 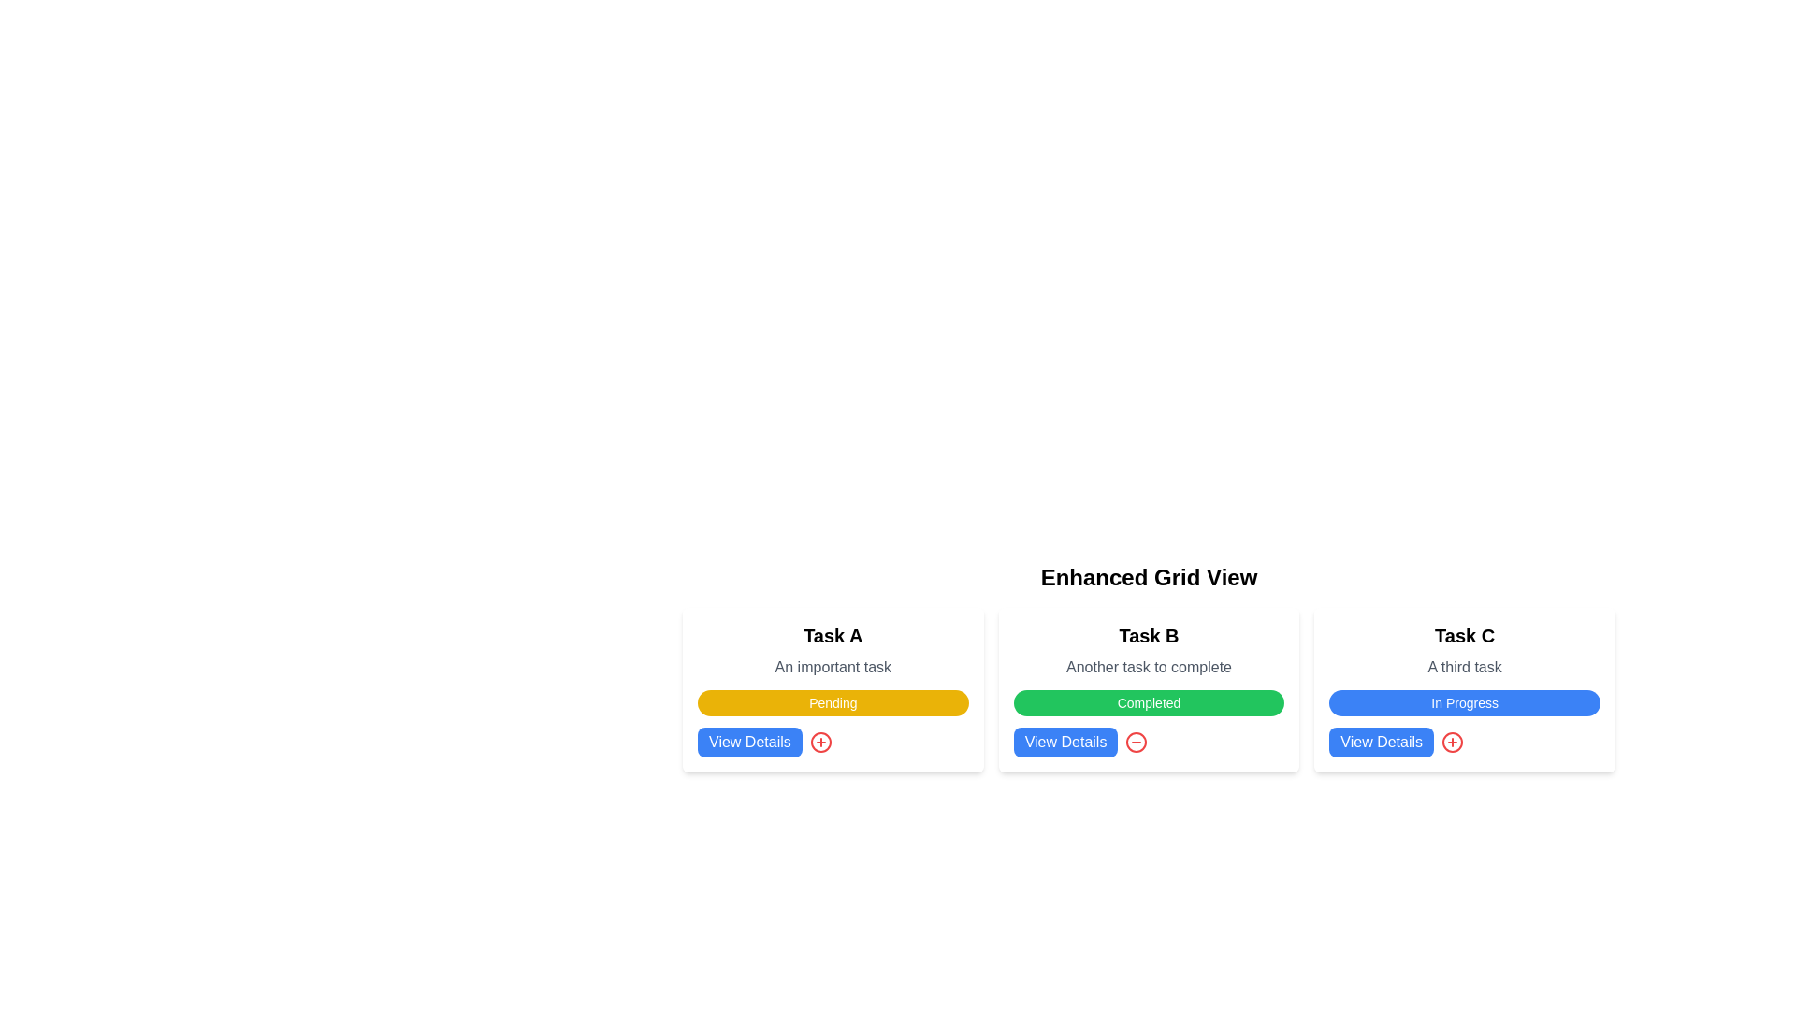 What do you see at coordinates (832, 666) in the screenshot?
I see `supporting text label located below the title 'Task A' within the white card identified as 'Task A' for task details` at bounding box center [832, 666].